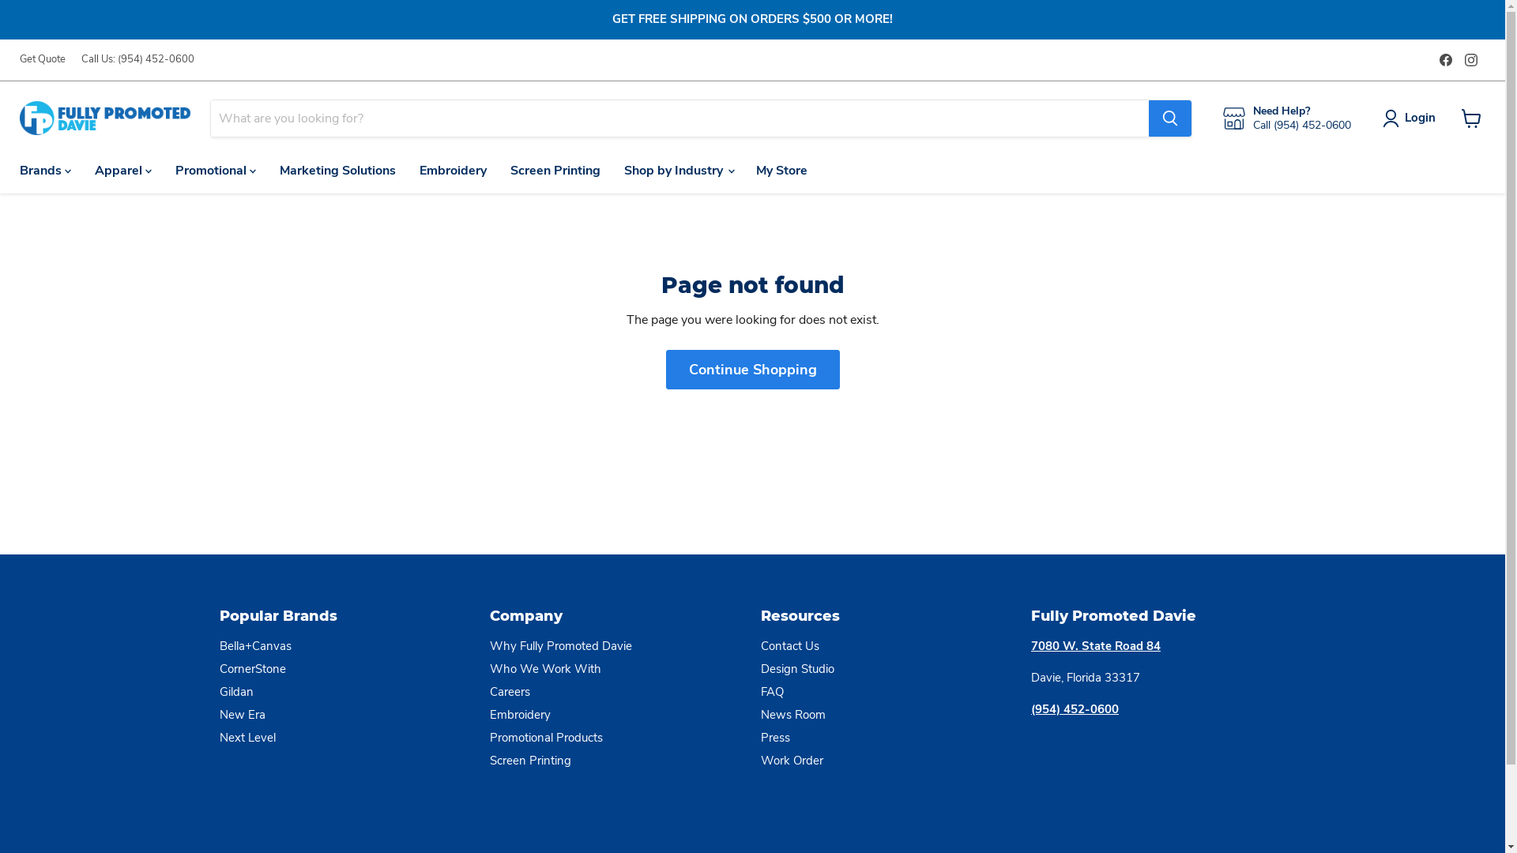  I want to click on 'My Store', so click(781, 171).